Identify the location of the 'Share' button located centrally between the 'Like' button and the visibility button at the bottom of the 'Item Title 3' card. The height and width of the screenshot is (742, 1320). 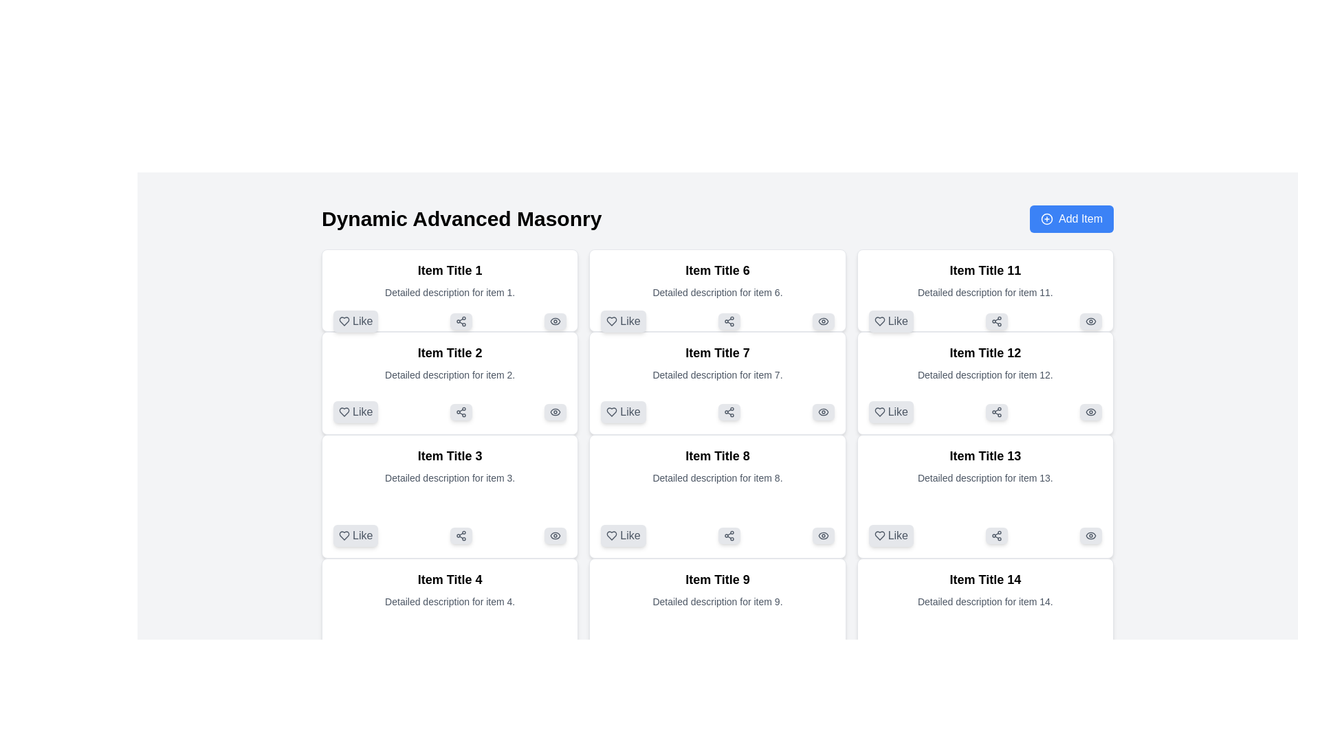
(461, 535).